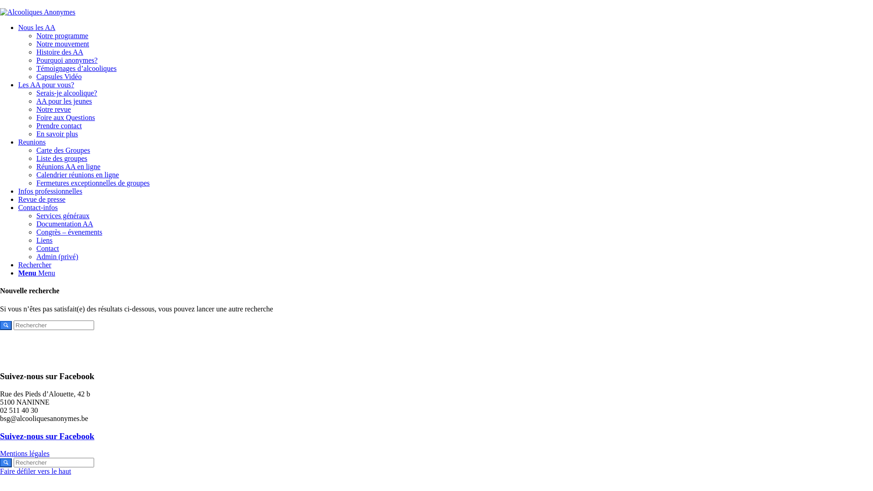  What do you see at coordinates (62, 35) in the screenshot?
I see `'Notre programme'` at bounding box center [62, 35].